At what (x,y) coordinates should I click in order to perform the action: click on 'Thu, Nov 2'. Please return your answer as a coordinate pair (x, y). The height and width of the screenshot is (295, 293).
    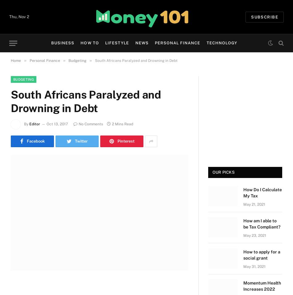
    Looking at the image, I should click on (19, 16).